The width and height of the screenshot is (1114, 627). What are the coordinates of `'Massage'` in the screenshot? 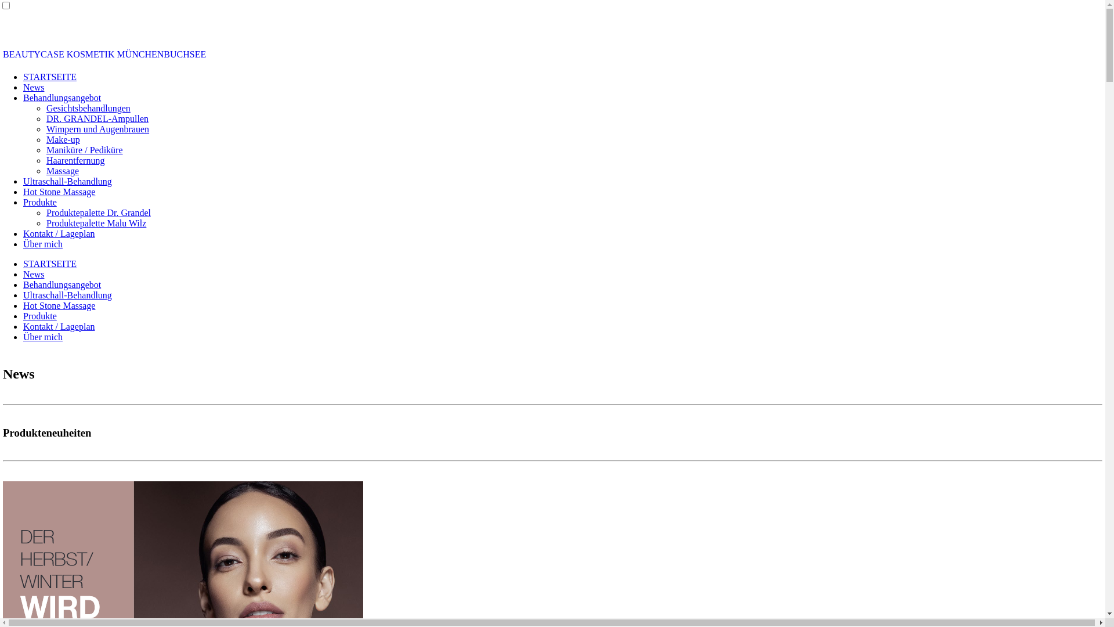 It's located at (62, 171).